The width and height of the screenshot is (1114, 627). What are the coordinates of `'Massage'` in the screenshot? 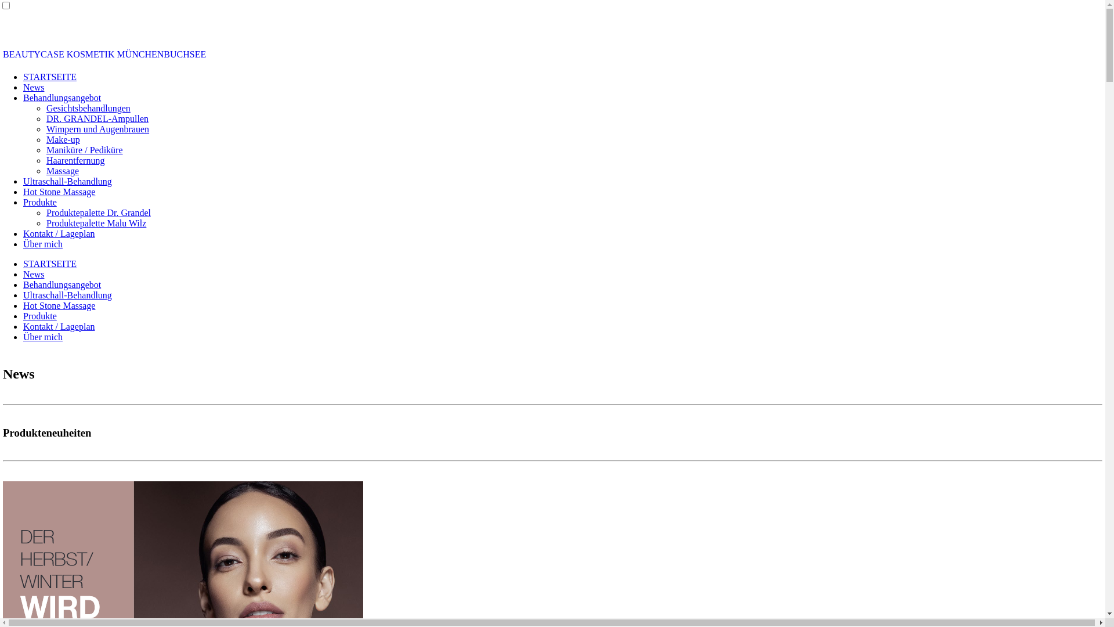 It's located at (62, 171).